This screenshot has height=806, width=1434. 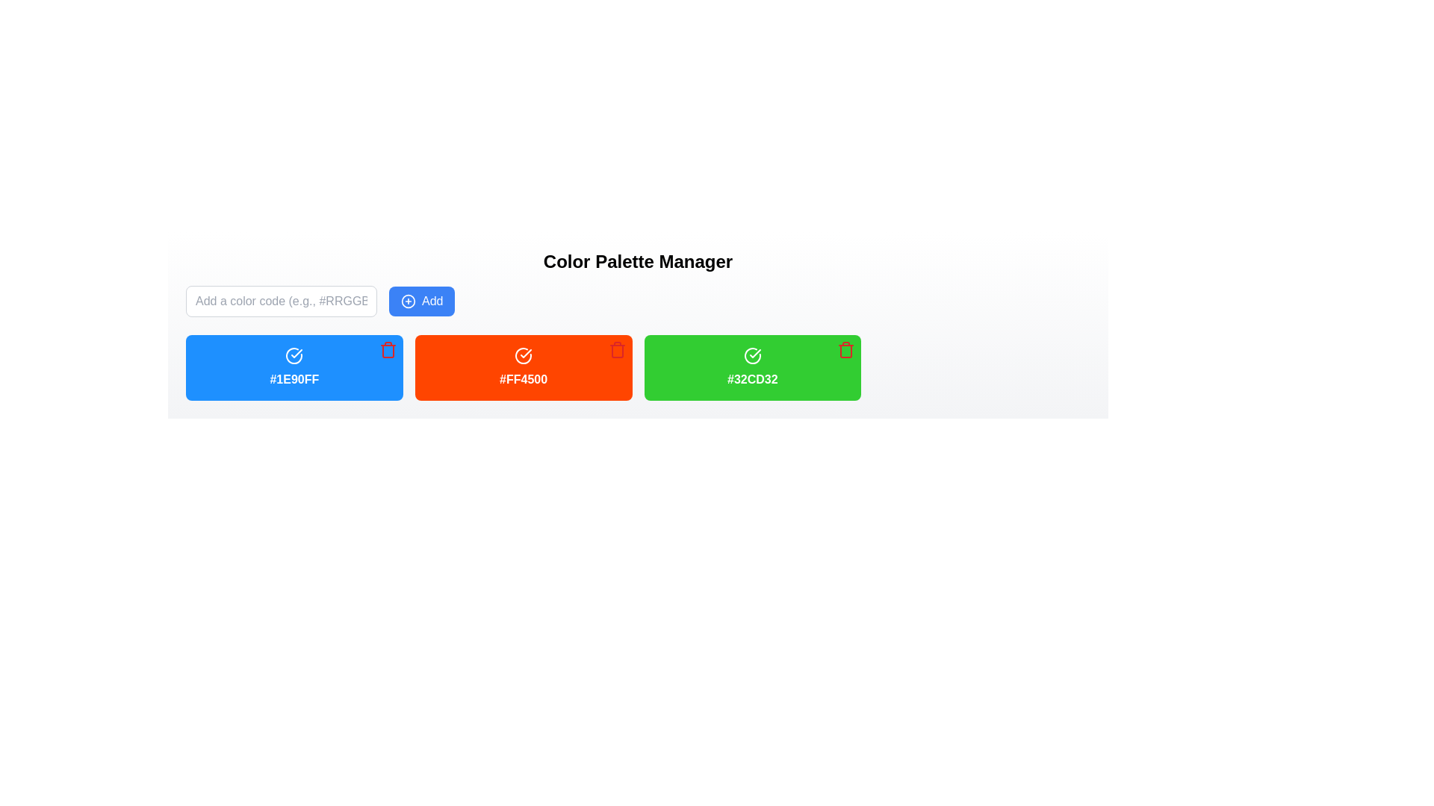 What do you see at coordinates (421, 302) in the screenshot?
I see `the 'Add' button which has a blue background and white text, positioned next to a text input box for color codes, to observe the color change effect` at bounding box center [421, 302].